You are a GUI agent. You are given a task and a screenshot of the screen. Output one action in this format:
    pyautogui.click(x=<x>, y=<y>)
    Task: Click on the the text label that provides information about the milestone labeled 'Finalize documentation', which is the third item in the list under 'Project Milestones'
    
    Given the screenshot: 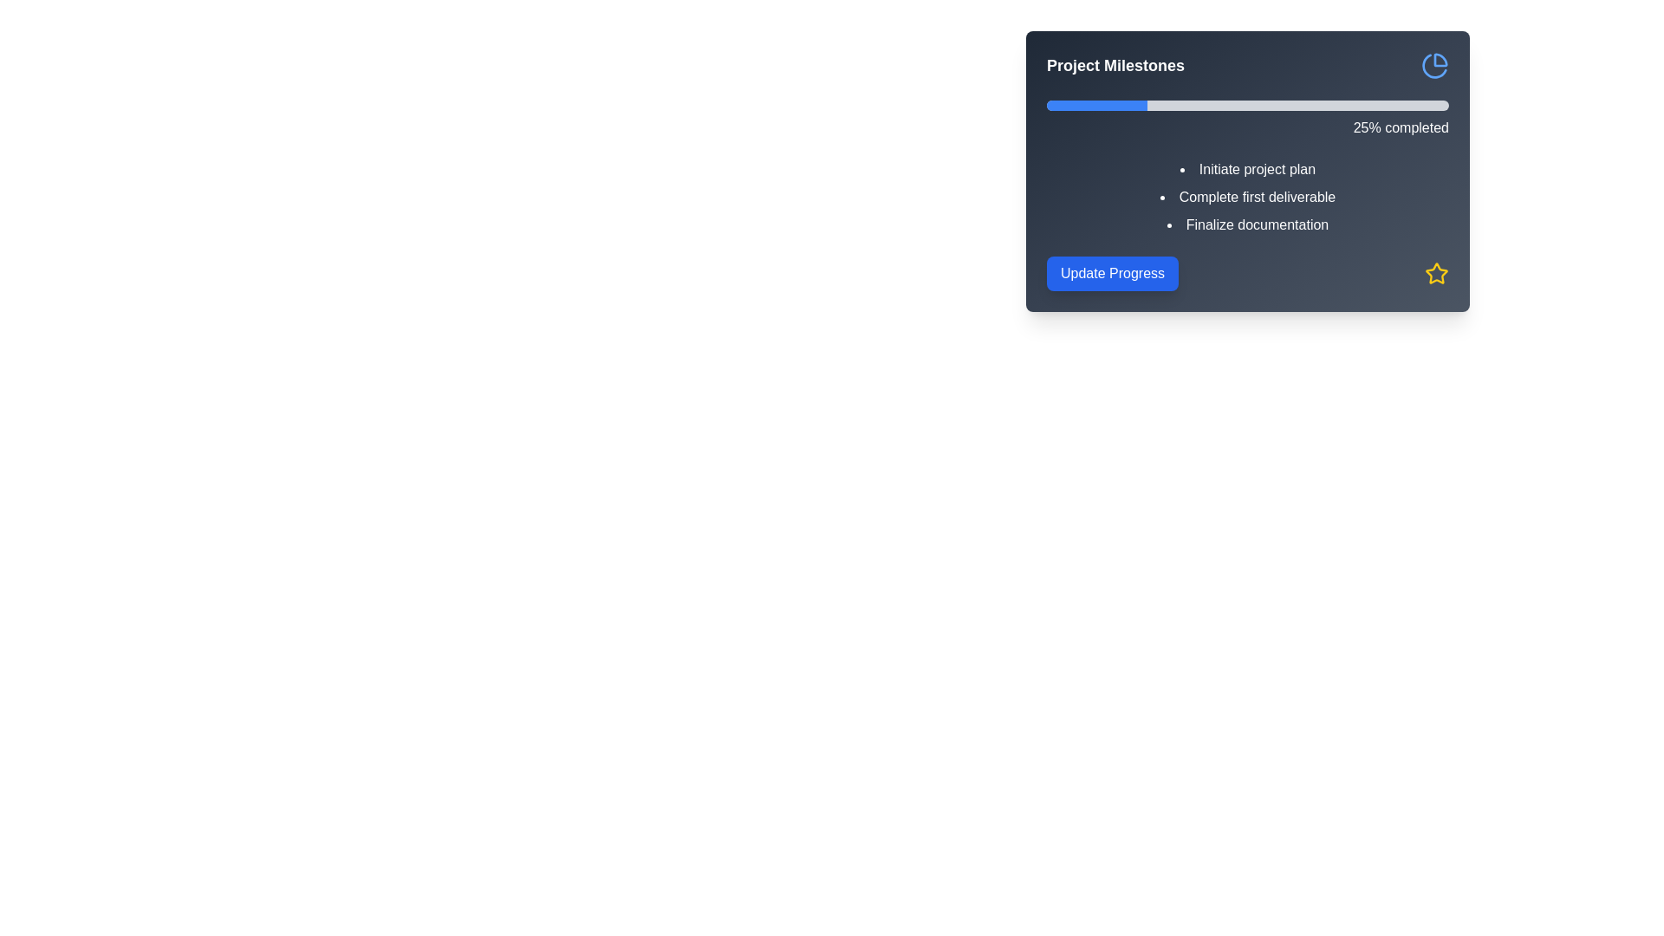 What is the action you would take?
    pyautogui.click(x=1248, y=224)
    